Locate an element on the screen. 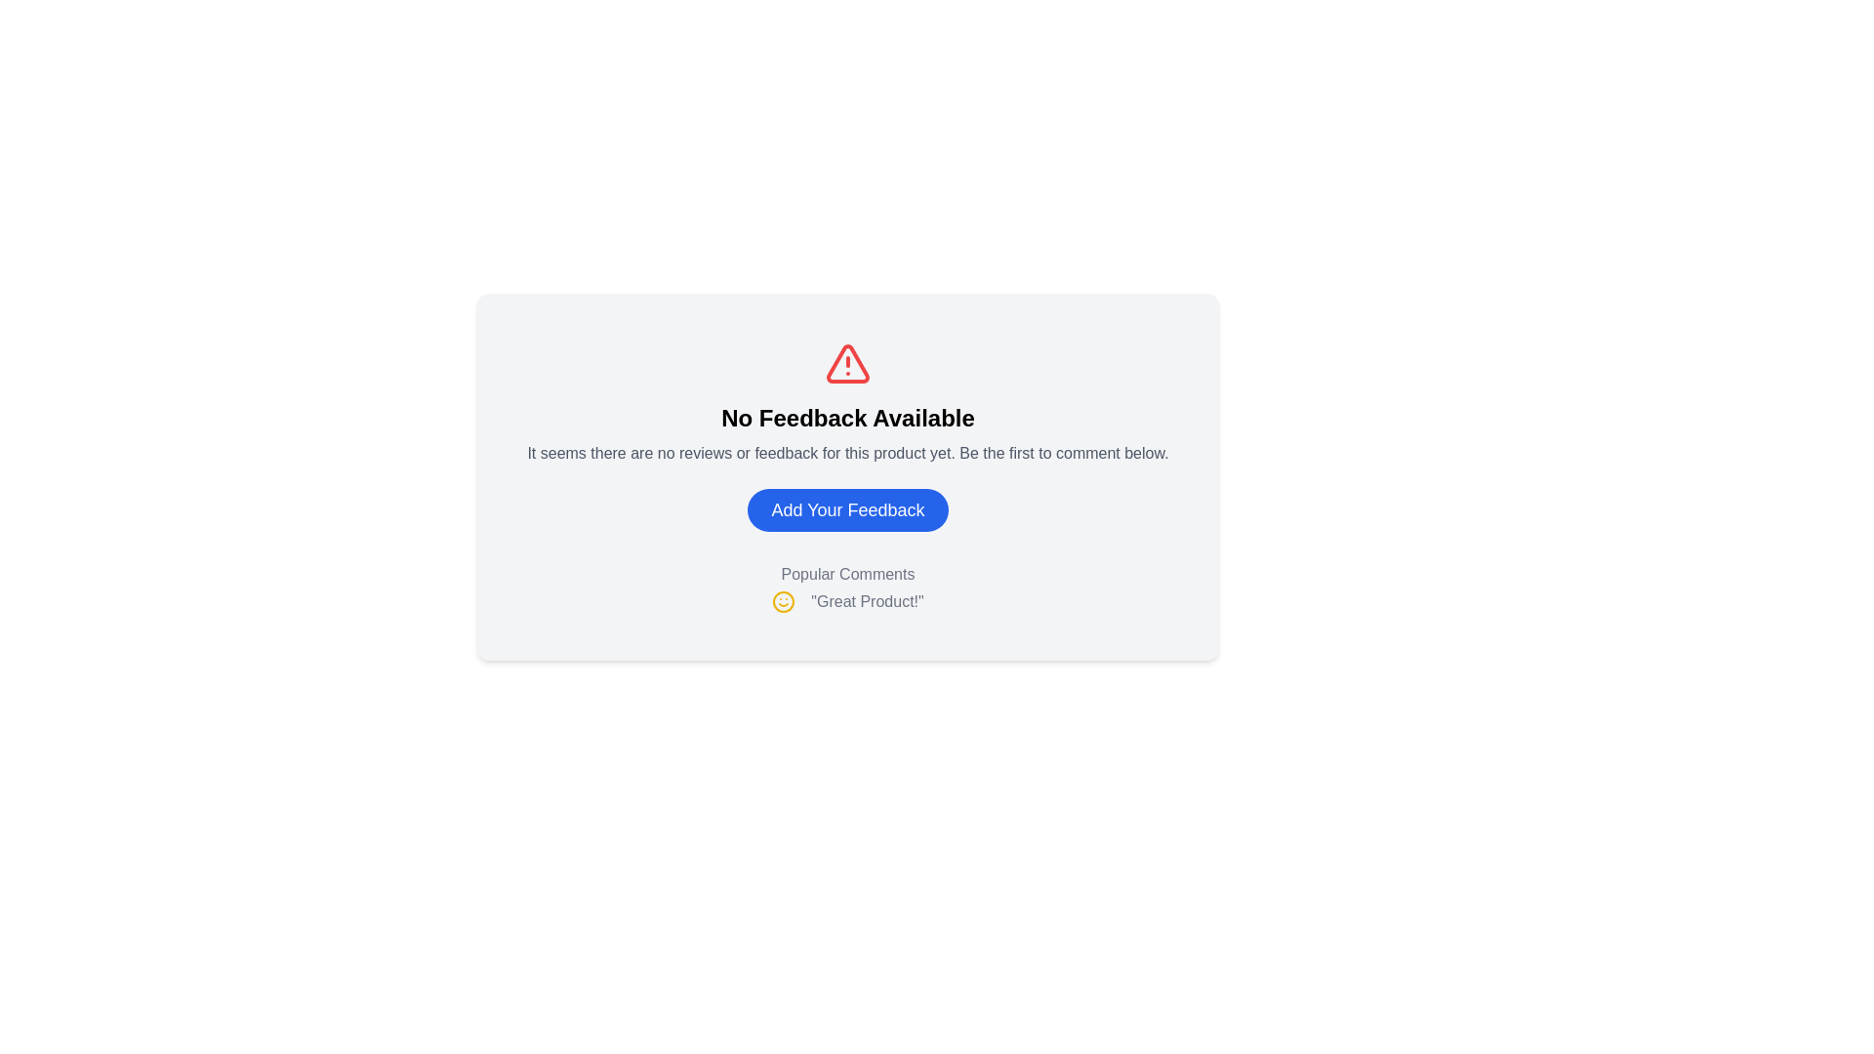 Image resolution: width=1874 pixels, height=1054 pixels. the red triangular warning icon located at the top of the light gray box, which is directly above the 'No Feedback Available' text is located at coordinates (847, 364).